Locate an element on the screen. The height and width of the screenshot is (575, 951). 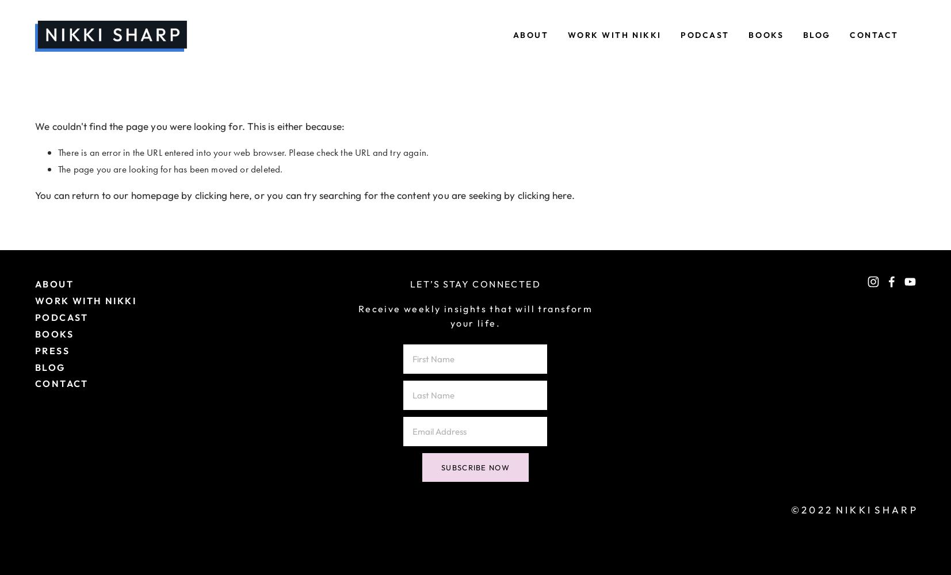
'You can return to our homepage by' is located at coordinates (114, 194).